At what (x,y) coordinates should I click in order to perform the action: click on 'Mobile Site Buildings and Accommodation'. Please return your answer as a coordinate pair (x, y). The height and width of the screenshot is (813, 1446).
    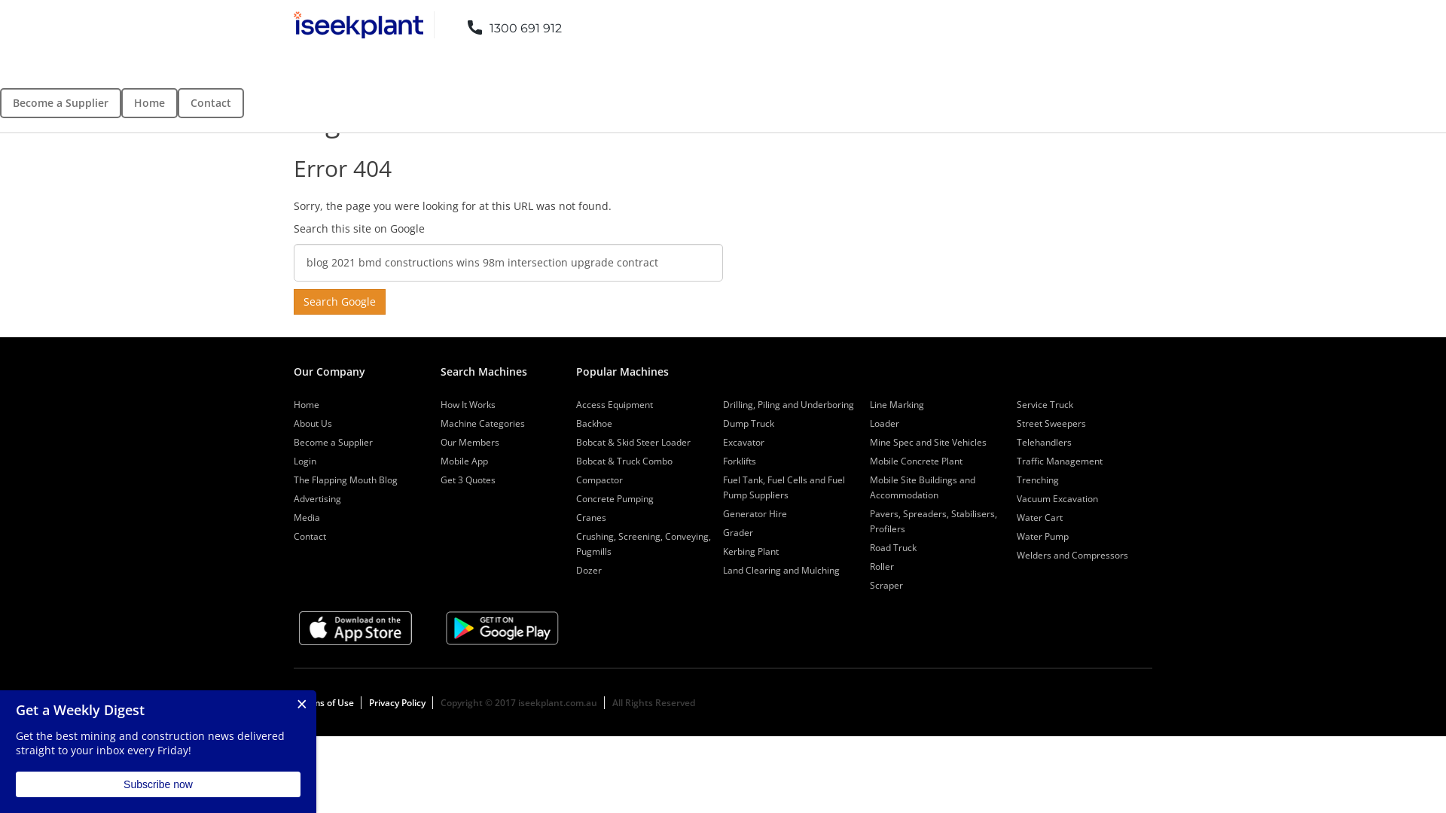
    Looking at the image, I should click on (870, 487).